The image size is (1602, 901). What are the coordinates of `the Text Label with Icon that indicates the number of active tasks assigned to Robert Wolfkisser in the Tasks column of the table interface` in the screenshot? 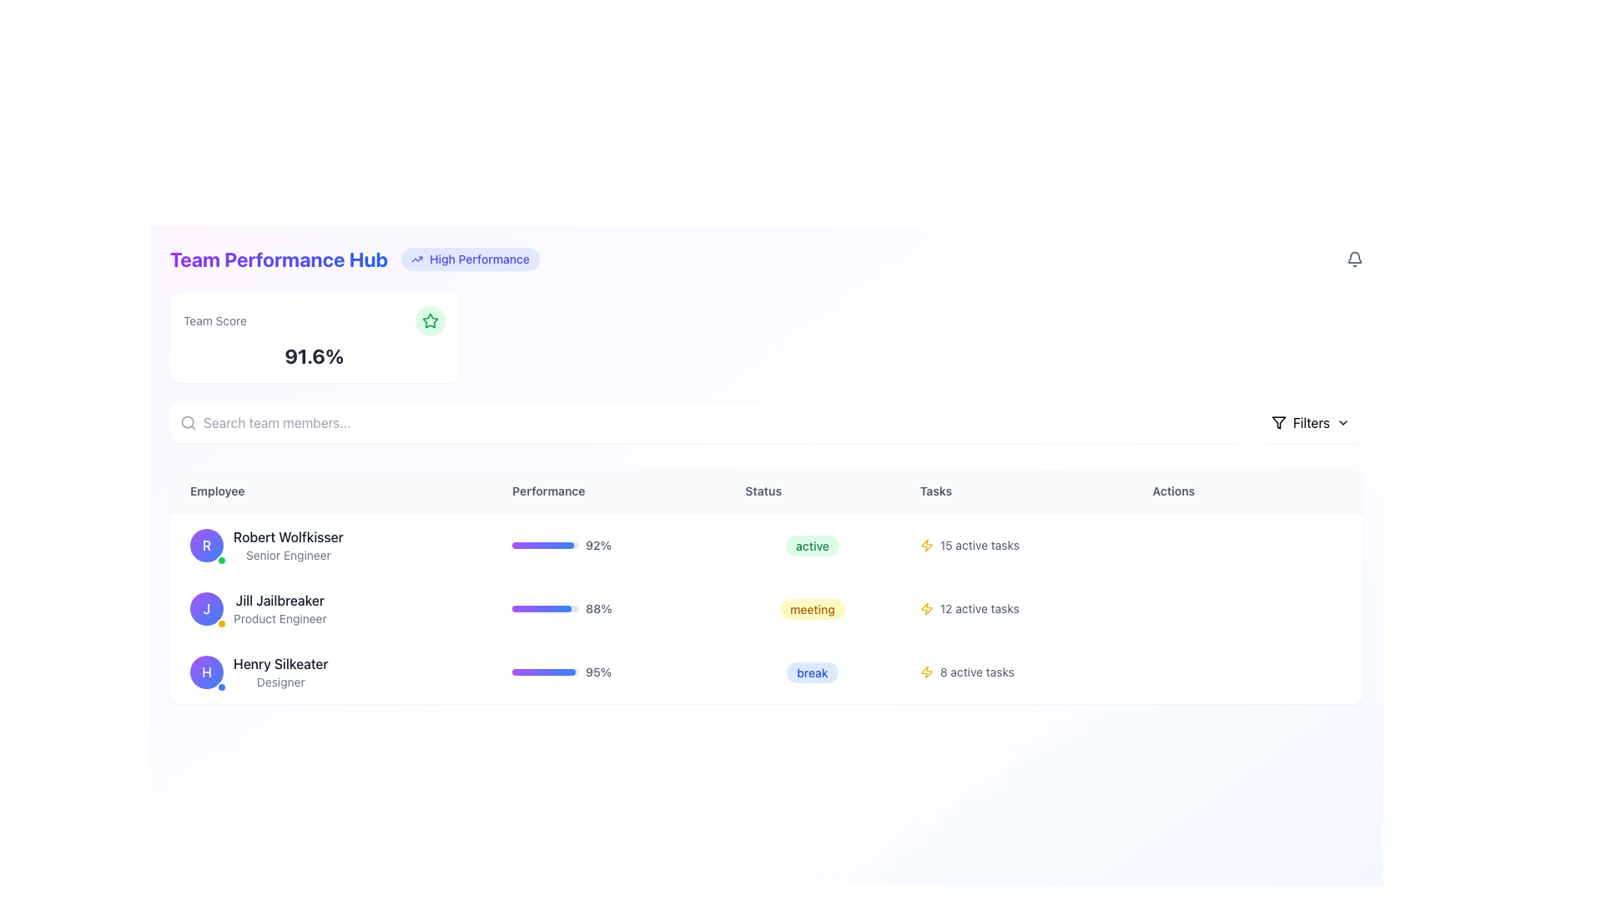 It's located at (1015, 546).